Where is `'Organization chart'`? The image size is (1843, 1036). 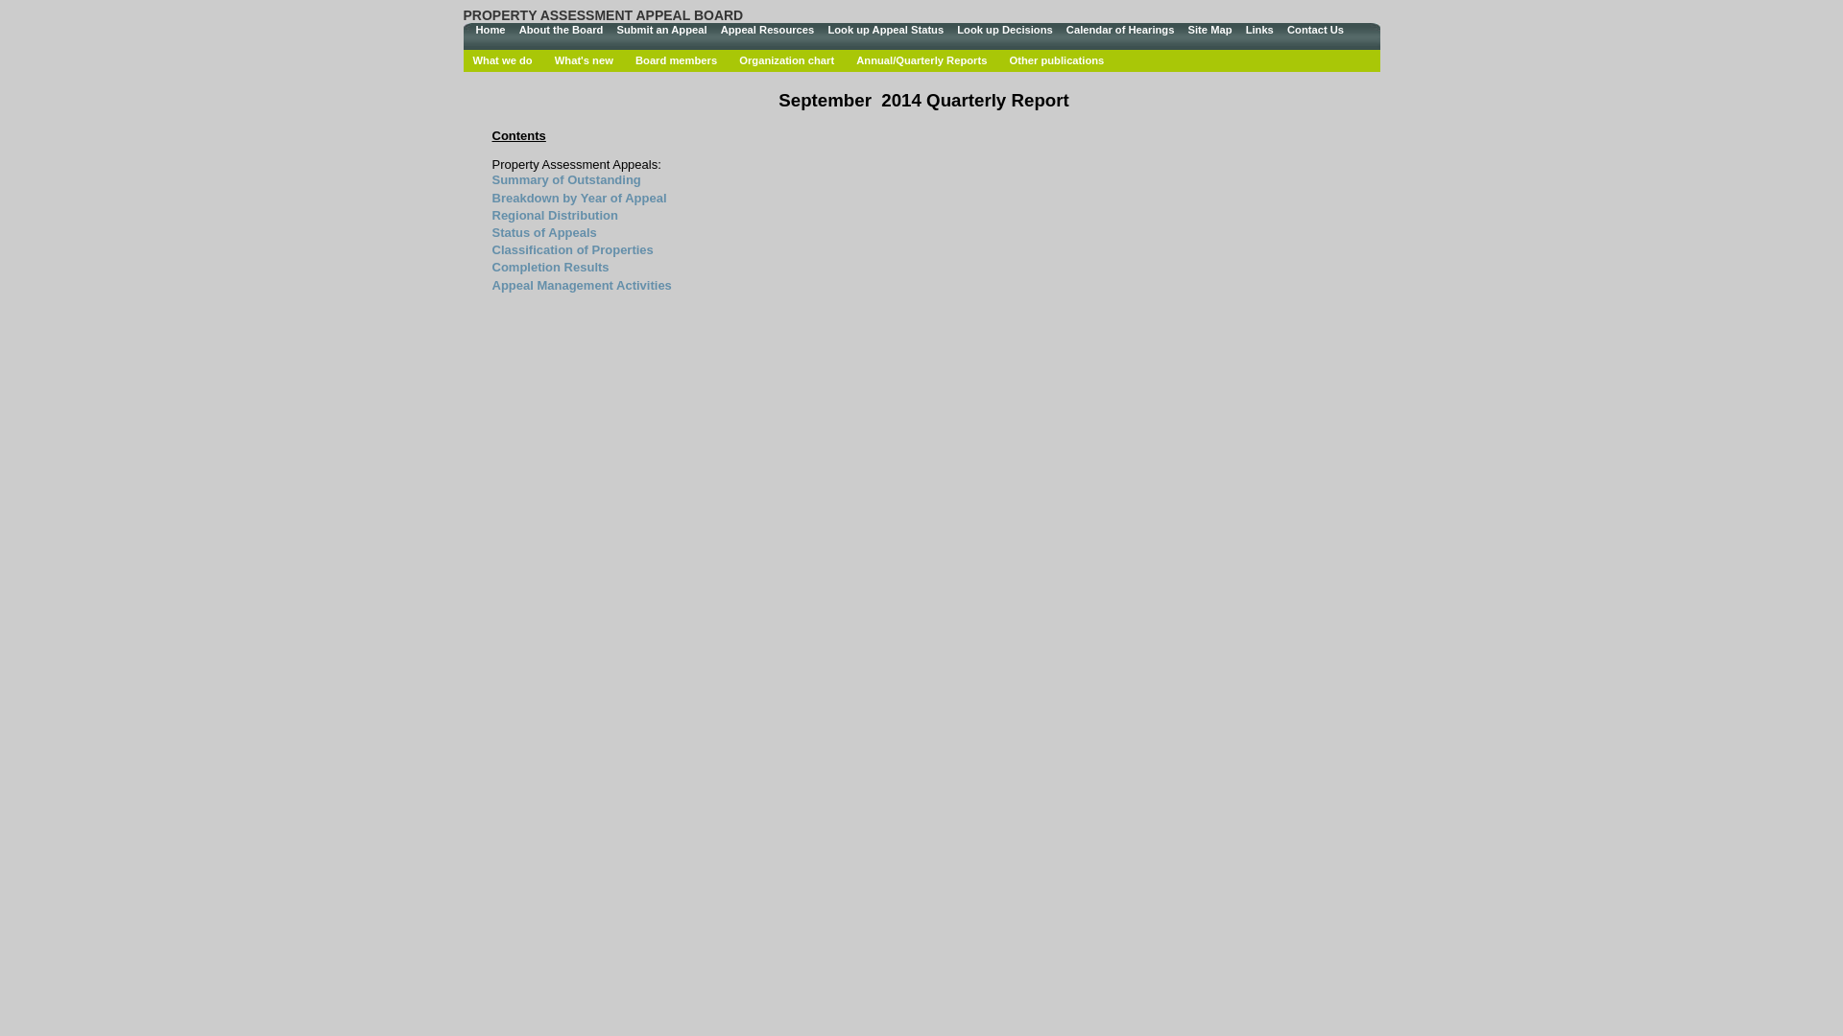
'Organization chart' is located at coordinates (786, 59).